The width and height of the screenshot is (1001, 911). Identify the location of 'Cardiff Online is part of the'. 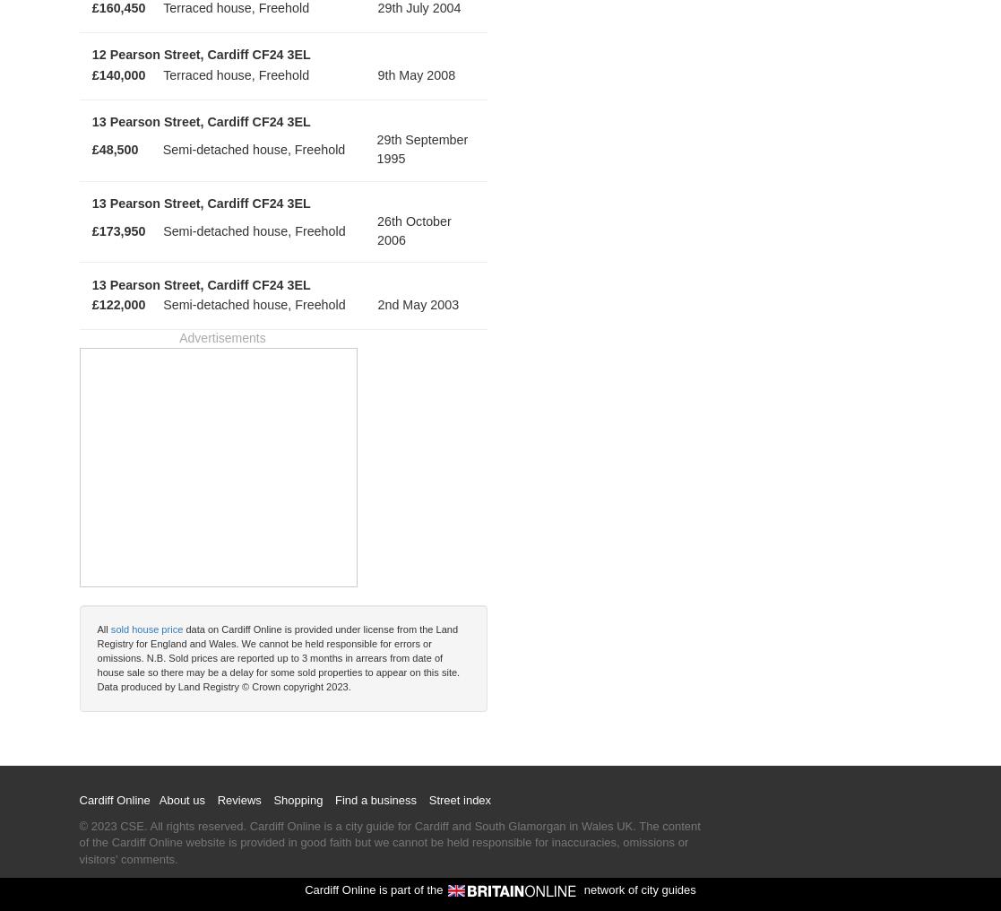
(304, 889).